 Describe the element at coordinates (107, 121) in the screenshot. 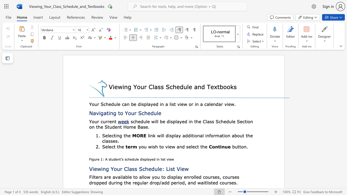

I see `the subset text "re" within the text "Your current"` at that location.